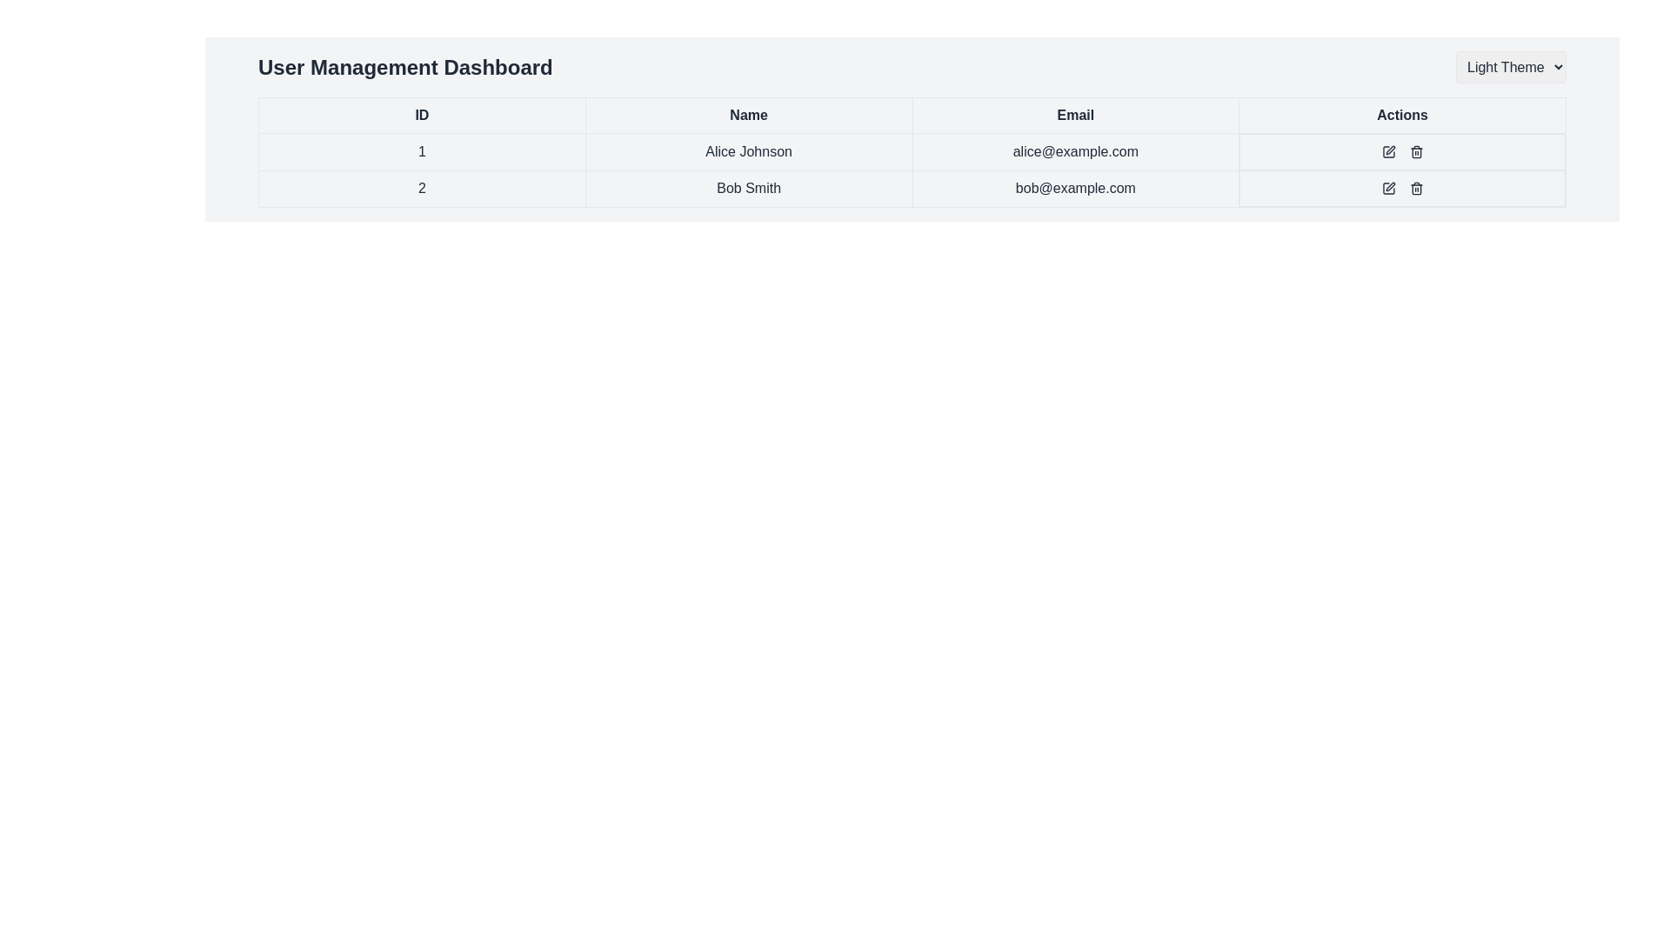 This screenshot has height=939, width=1670. I want to click on the delete Icon button in the Actions column of the second row, so click(1416, 188).